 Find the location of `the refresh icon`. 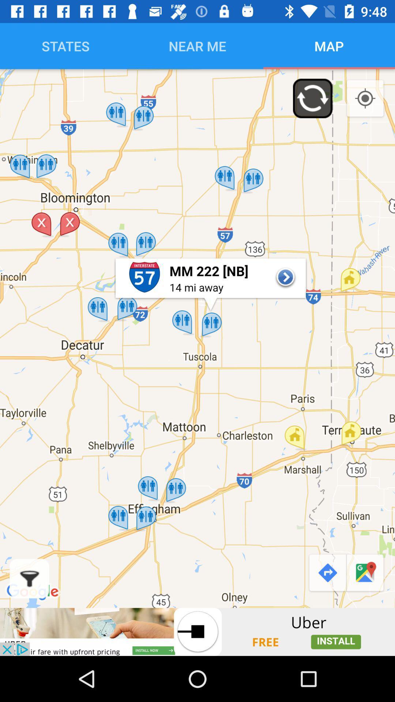

the refresh icon is located at coordinates (313, 98).